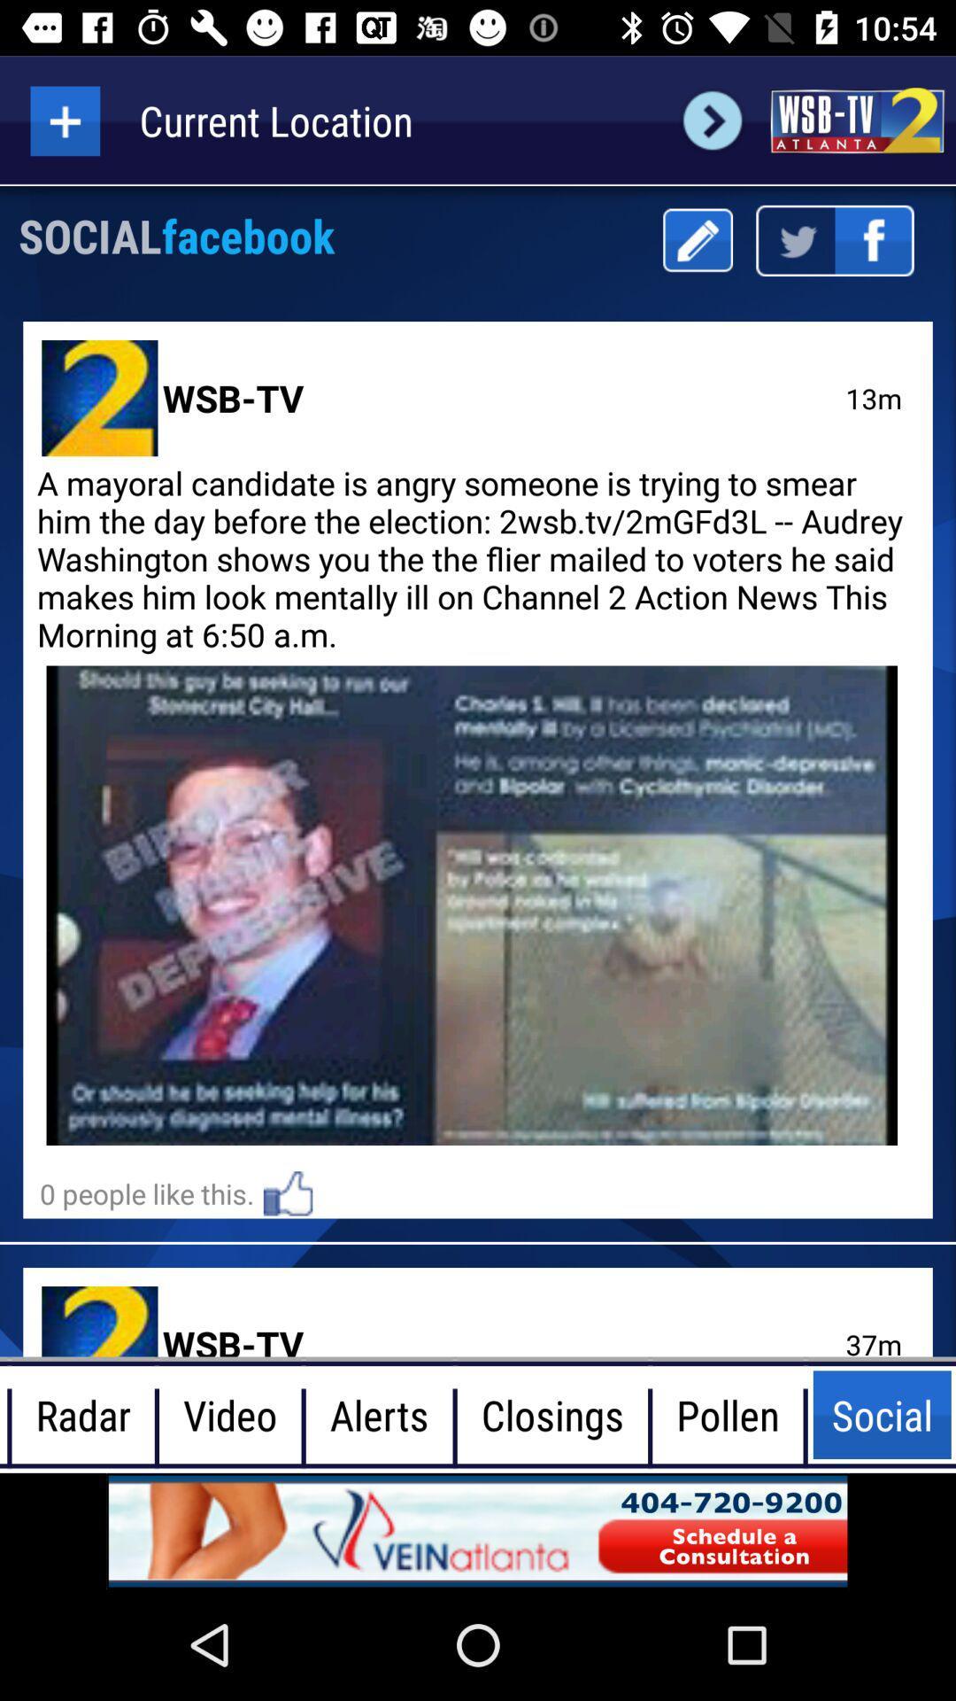 This screenshot has height=1701, width=956. What do you see at coordinates (64, 120) in the screenshot?
I see `plus current location` at bounding box center [64, 120].